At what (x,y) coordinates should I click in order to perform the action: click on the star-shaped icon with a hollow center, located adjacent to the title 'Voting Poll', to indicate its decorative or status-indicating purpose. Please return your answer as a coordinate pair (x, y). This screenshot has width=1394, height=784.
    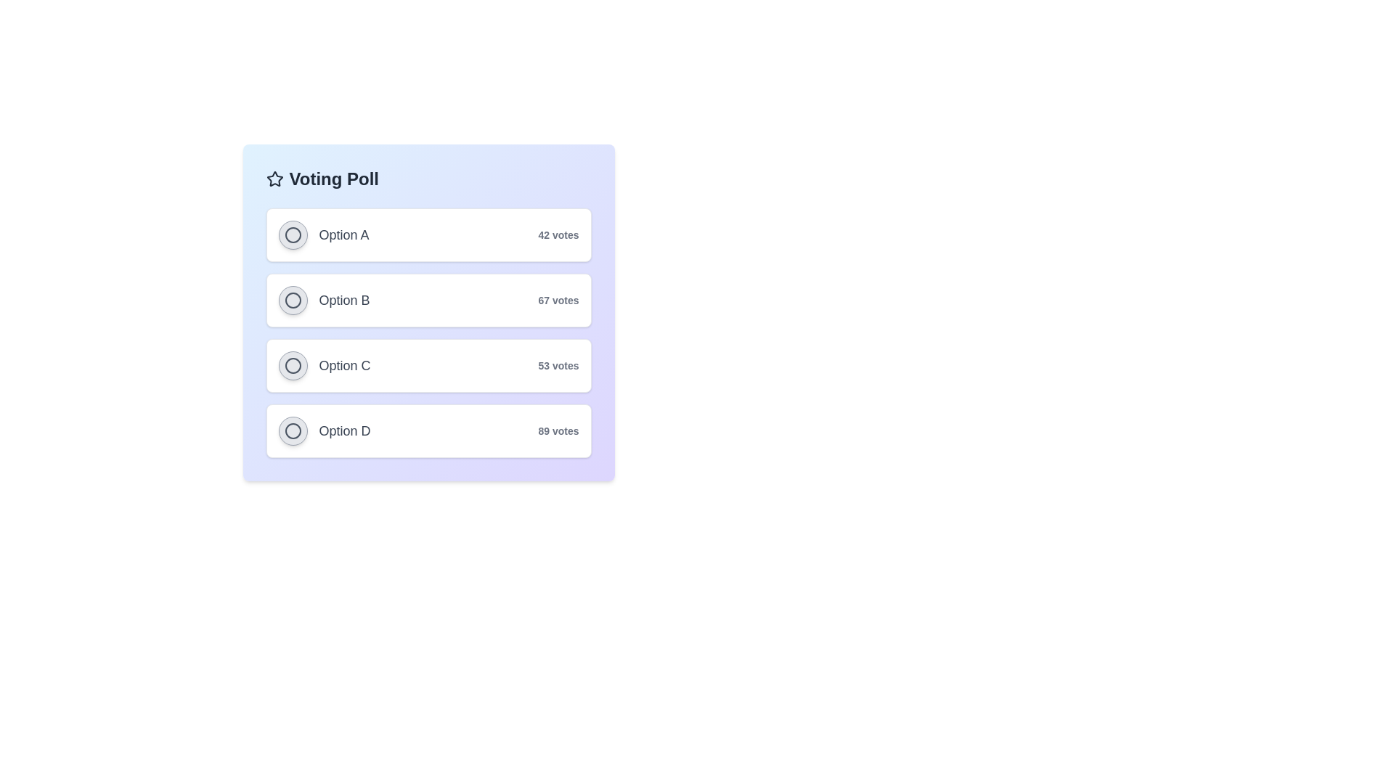
    Looking at the image, I should click on (274, 178).